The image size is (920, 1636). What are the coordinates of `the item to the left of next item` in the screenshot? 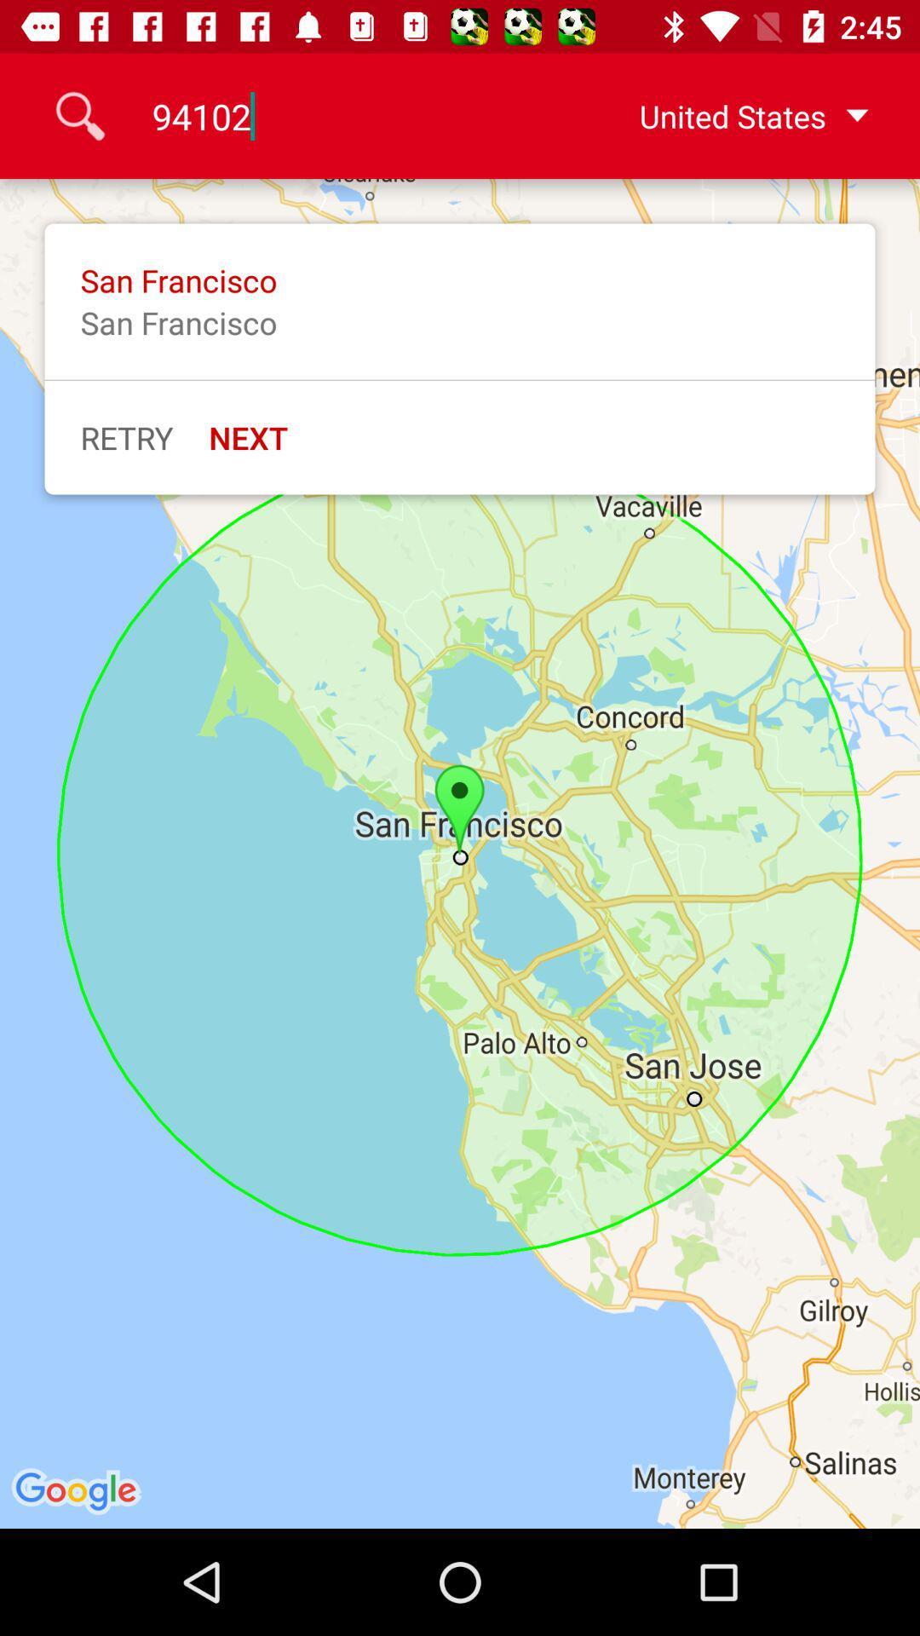 It's located at (125, 437).